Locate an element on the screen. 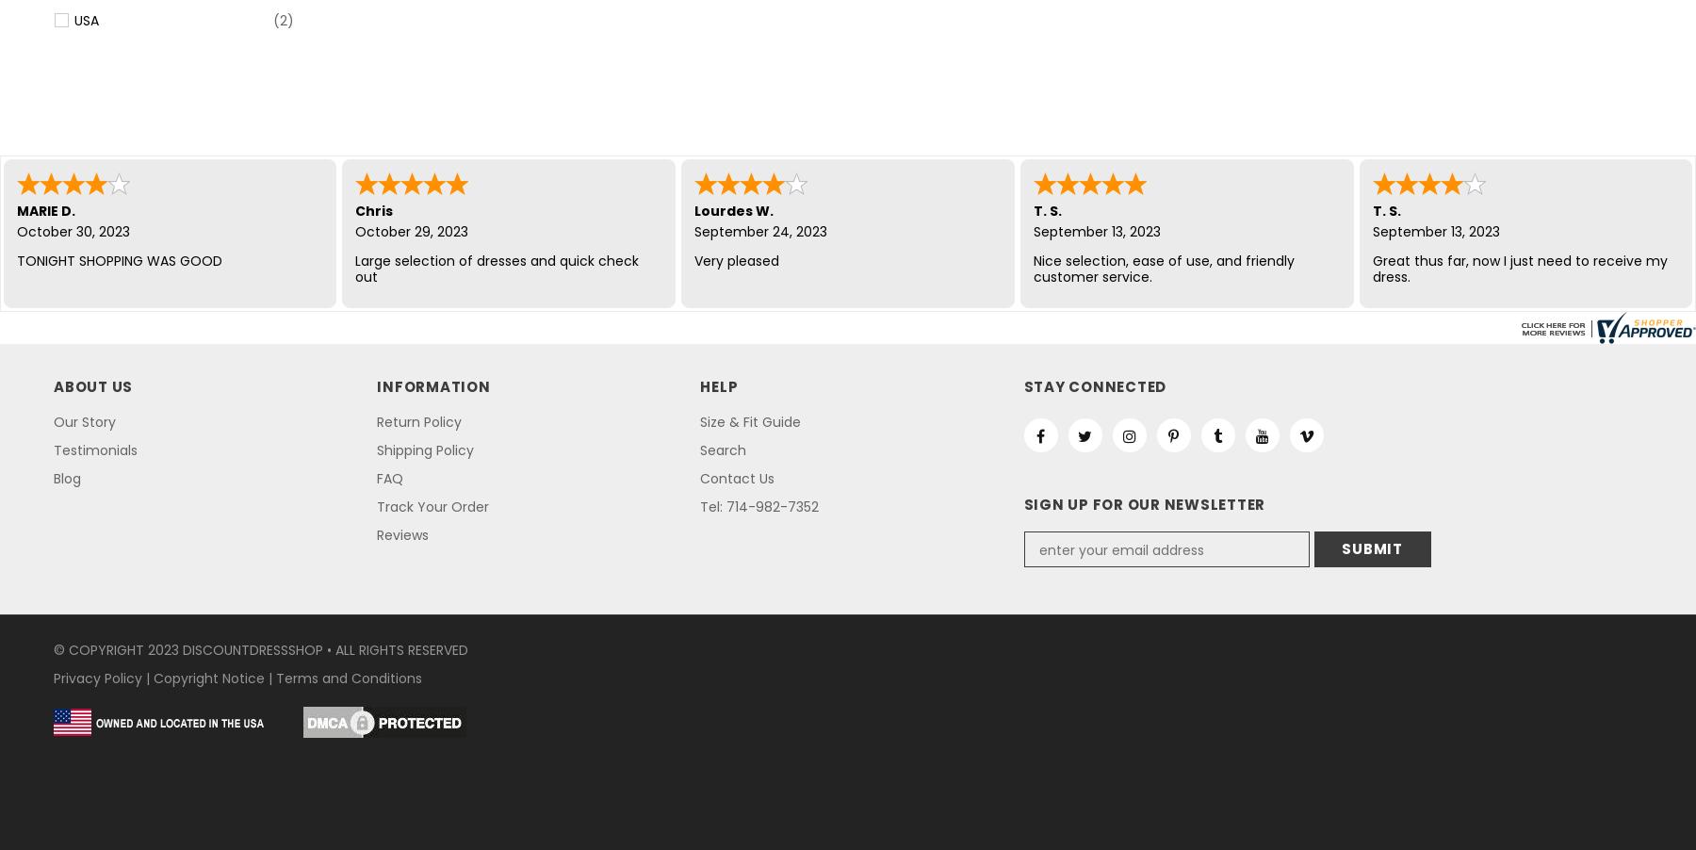 The height and width of the screenshot is (850, 1696). 'Delores' is located at coordinates (16, 209).